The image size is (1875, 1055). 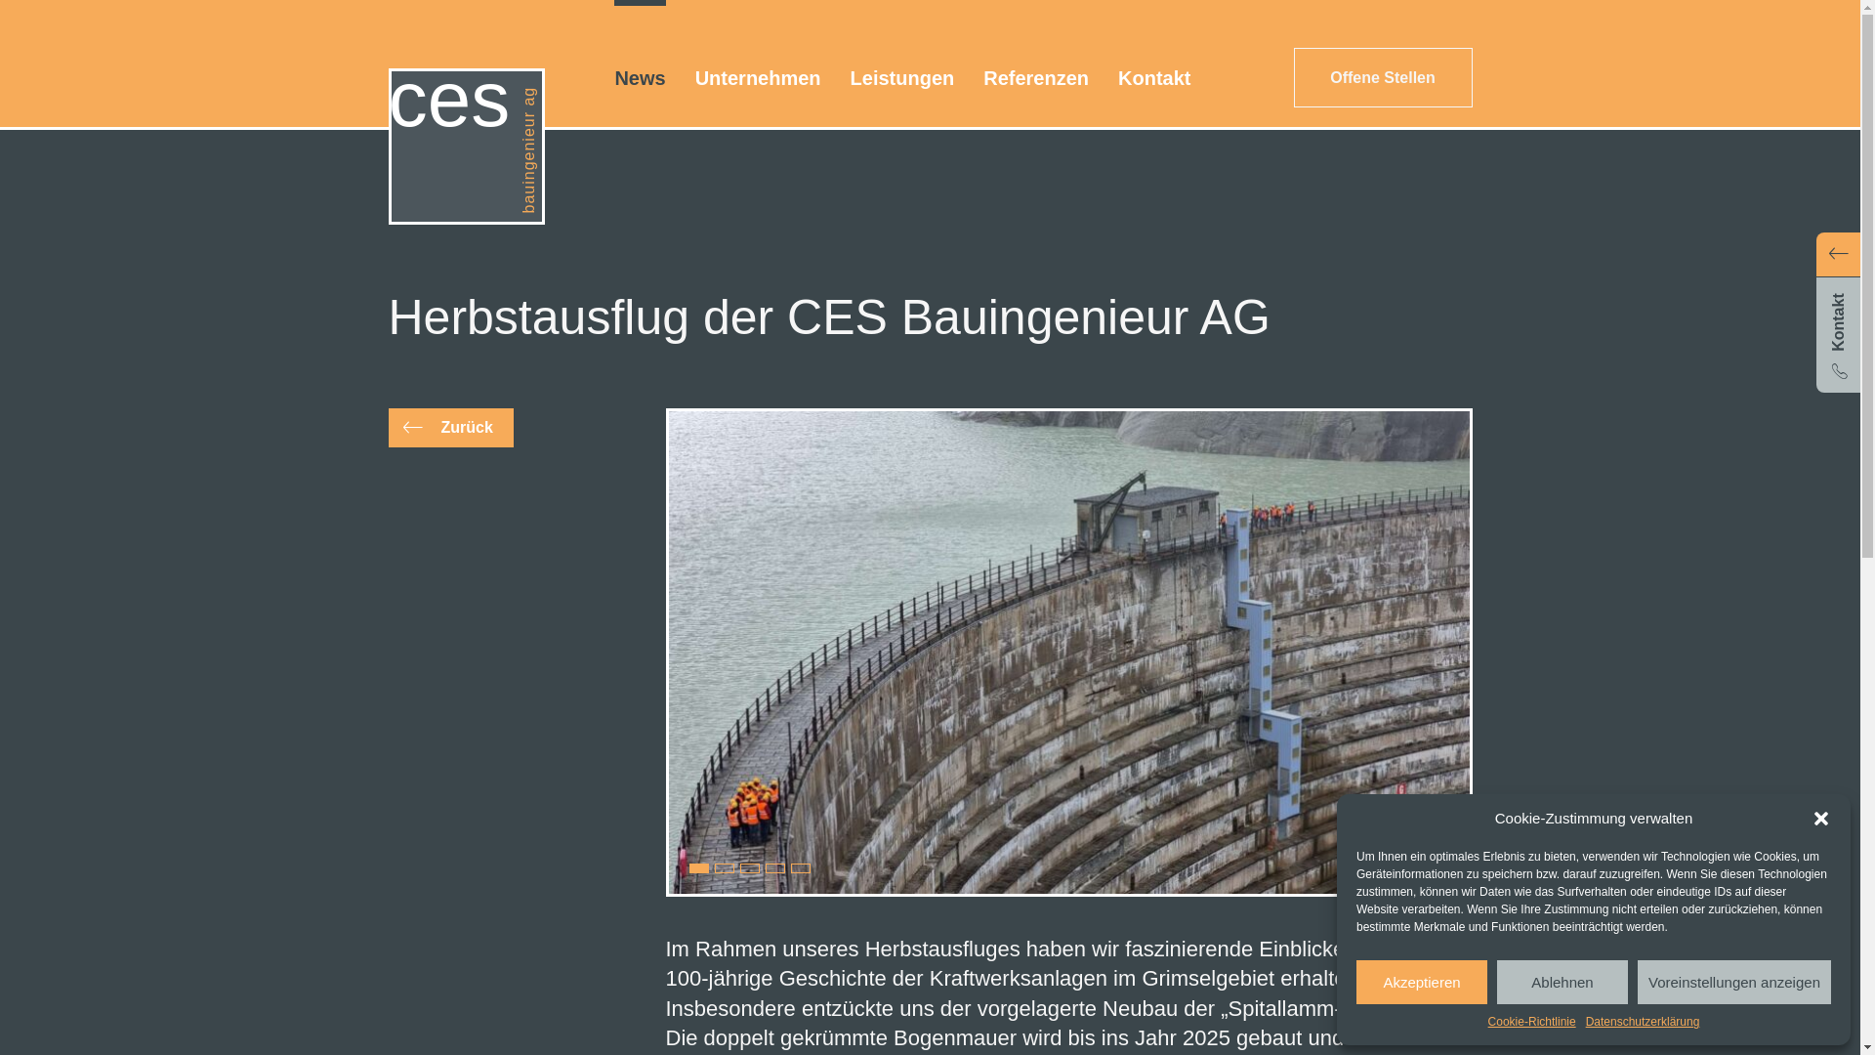 What do you see at coordinates (1561, 982) in the screenshot?
I see `'Ablehnen'` at bounding box center [1561, 982].